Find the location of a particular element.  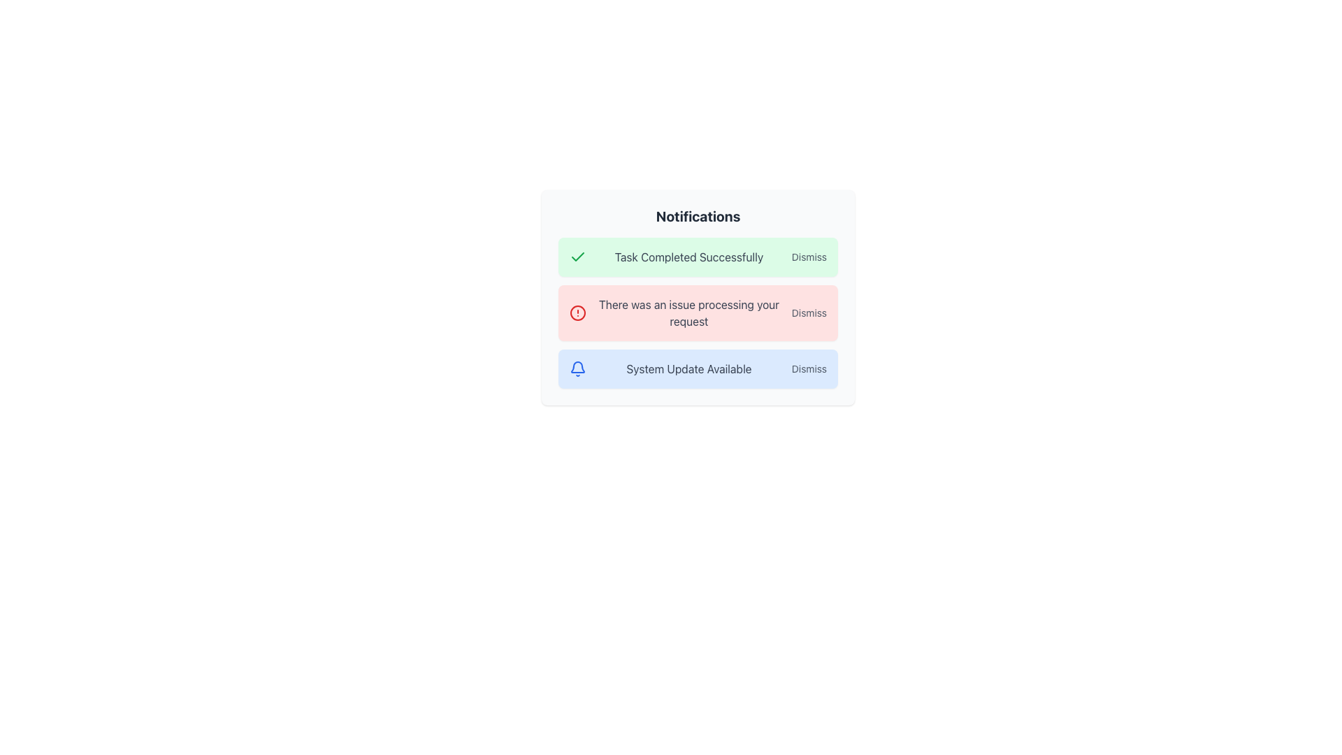

the blue-colored bell icon with a modern outline design located on the left side of the 'System Update Available' notification is located at coordinates (577, 368).